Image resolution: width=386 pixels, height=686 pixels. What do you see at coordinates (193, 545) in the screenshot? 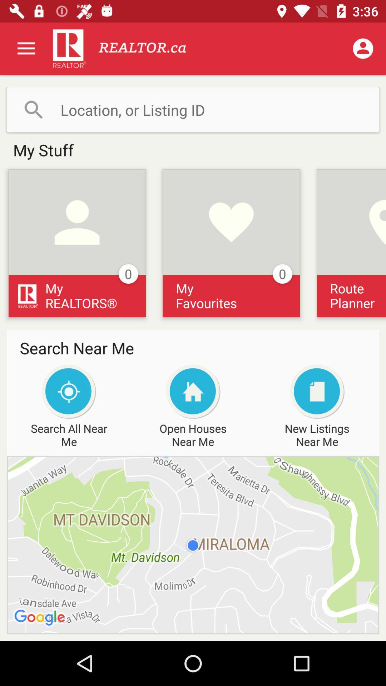
I see `item below search all near icon` at bounding box center [193, 545].